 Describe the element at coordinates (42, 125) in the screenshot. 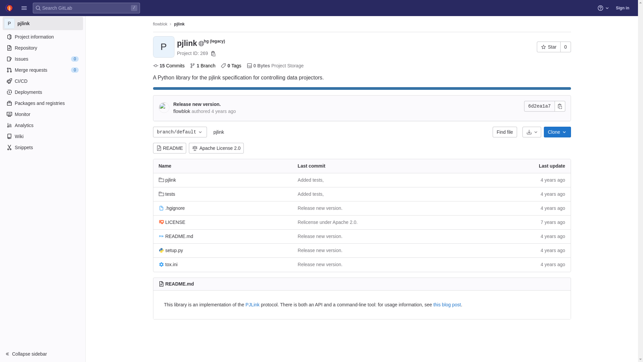

I see `'Analytics'` at that location.